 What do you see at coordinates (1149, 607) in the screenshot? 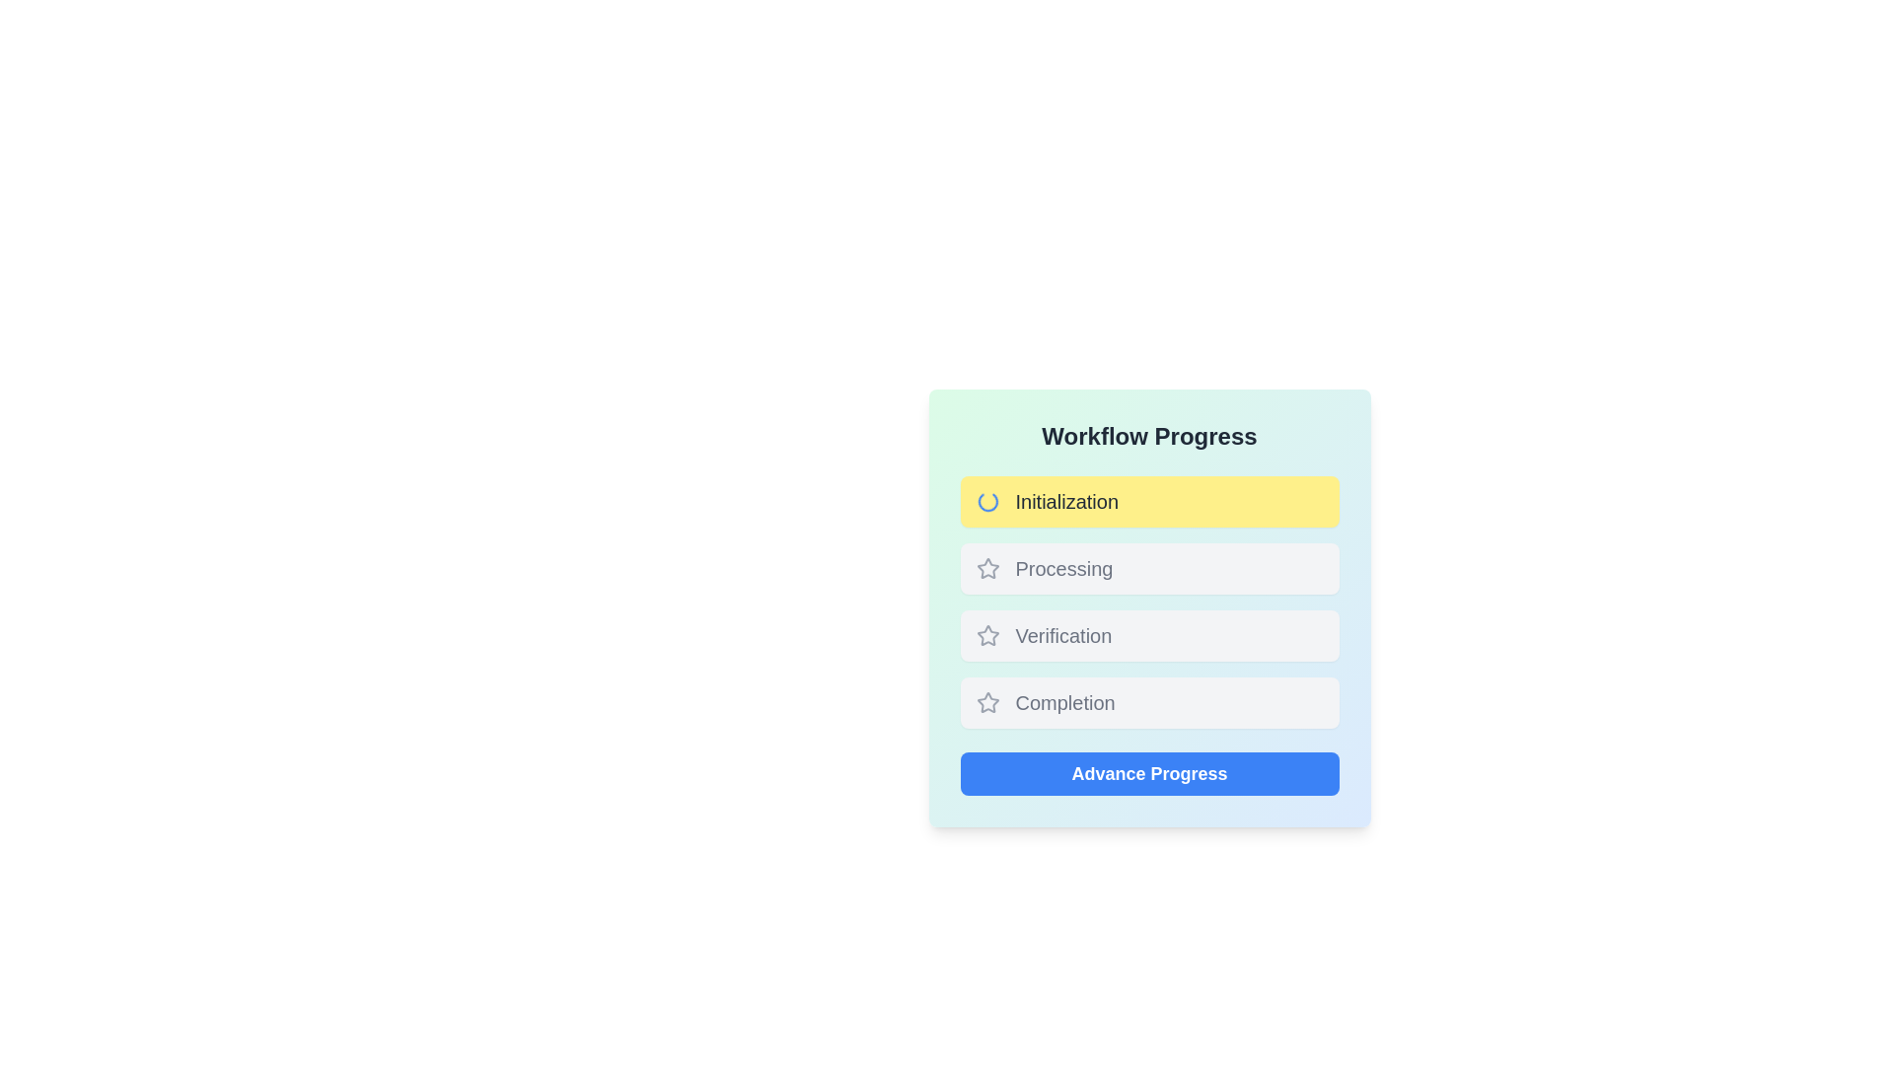
I see `the progress through the workflow by interacting with the composite UI component displaying workflow statuses and an 'Advance Progress' button located below the 'Workflow Progress' header` at bounding box center [1149, 607].